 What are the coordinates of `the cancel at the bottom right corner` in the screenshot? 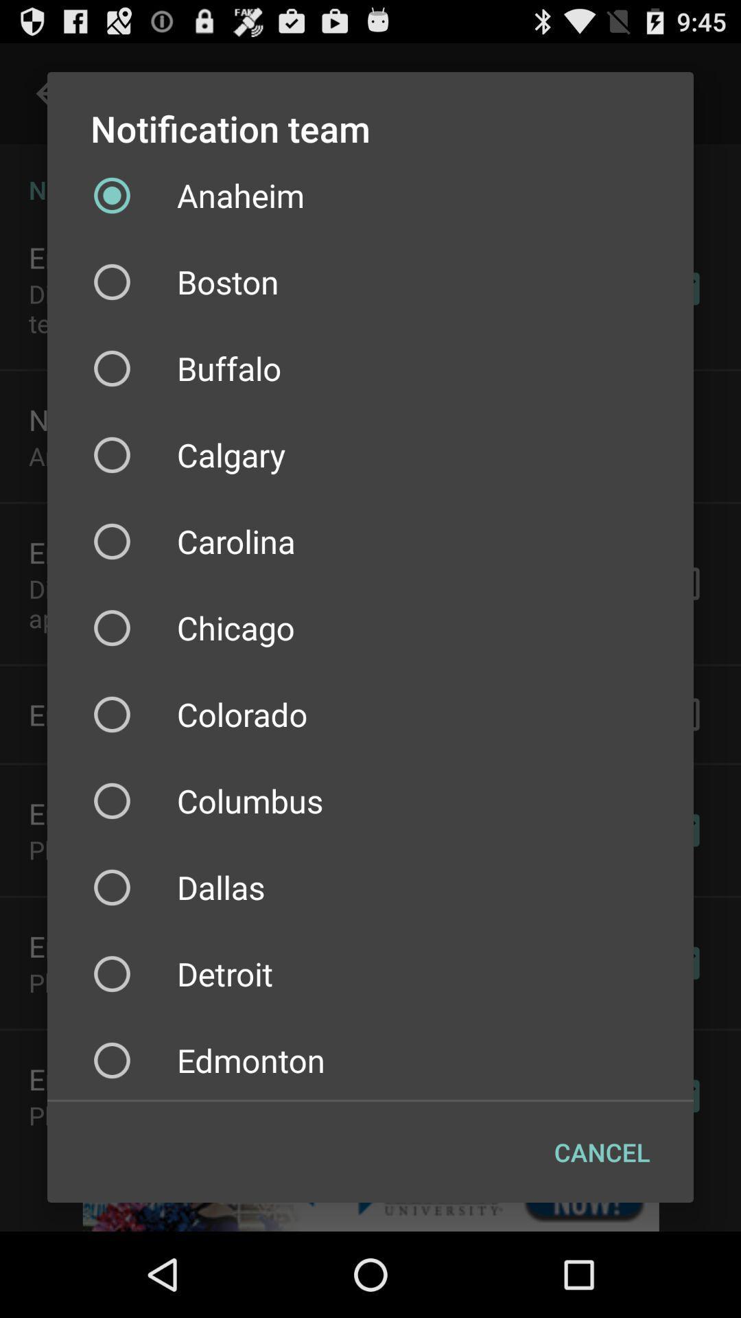 It's located at (601, 1152).